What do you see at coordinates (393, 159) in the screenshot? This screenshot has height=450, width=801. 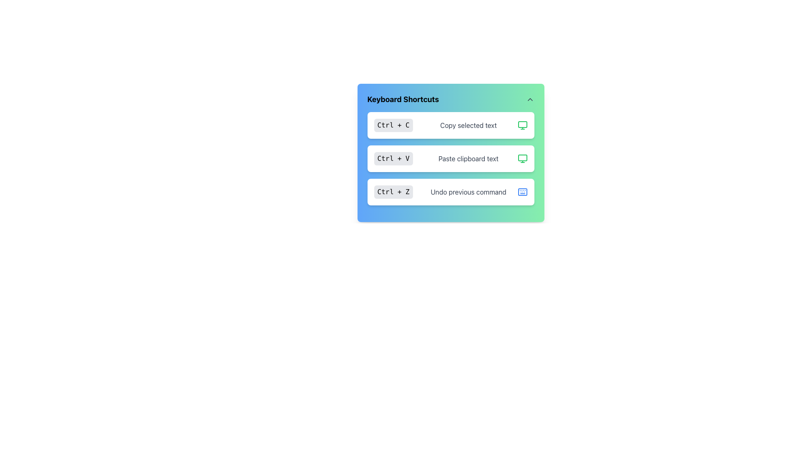 I see `the badge labeled 'Ctrl + V', which has a light gray background and bold black text, positioned in the second row of the keyboard shortcut list` at bounding box center [393, 159].